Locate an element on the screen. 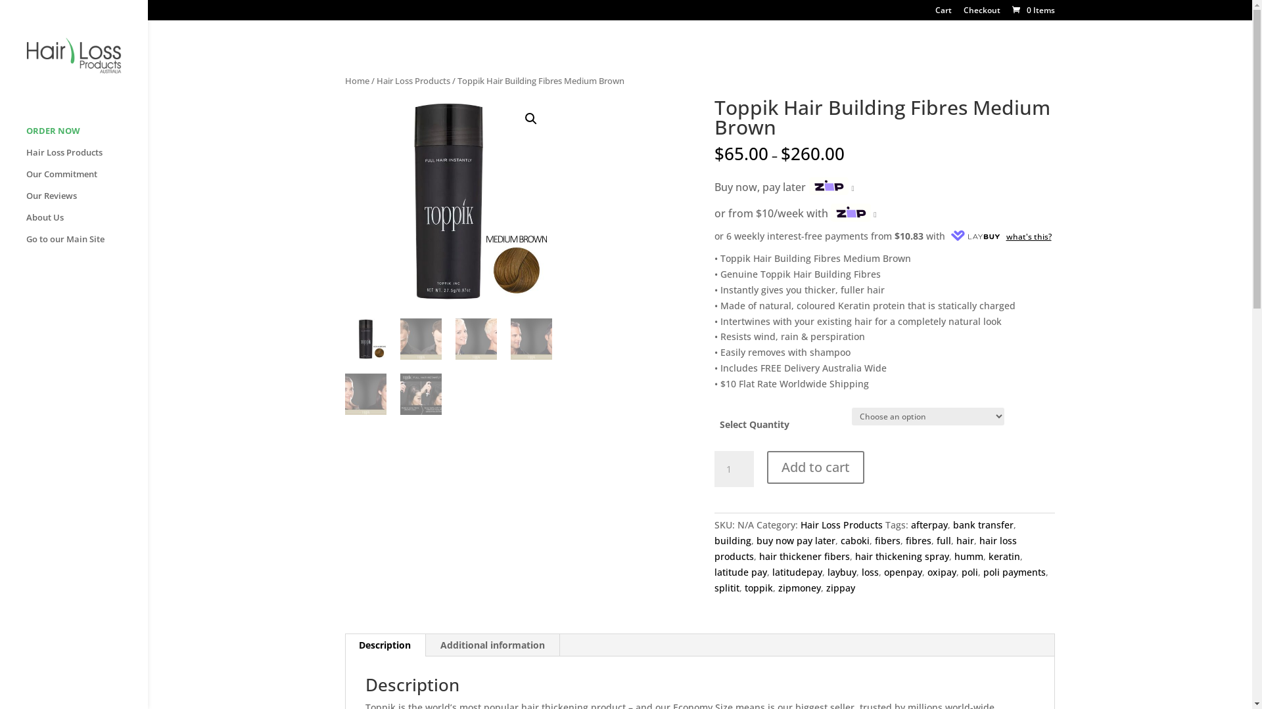  'Our Reviews' is located at coordinates (86, 202).